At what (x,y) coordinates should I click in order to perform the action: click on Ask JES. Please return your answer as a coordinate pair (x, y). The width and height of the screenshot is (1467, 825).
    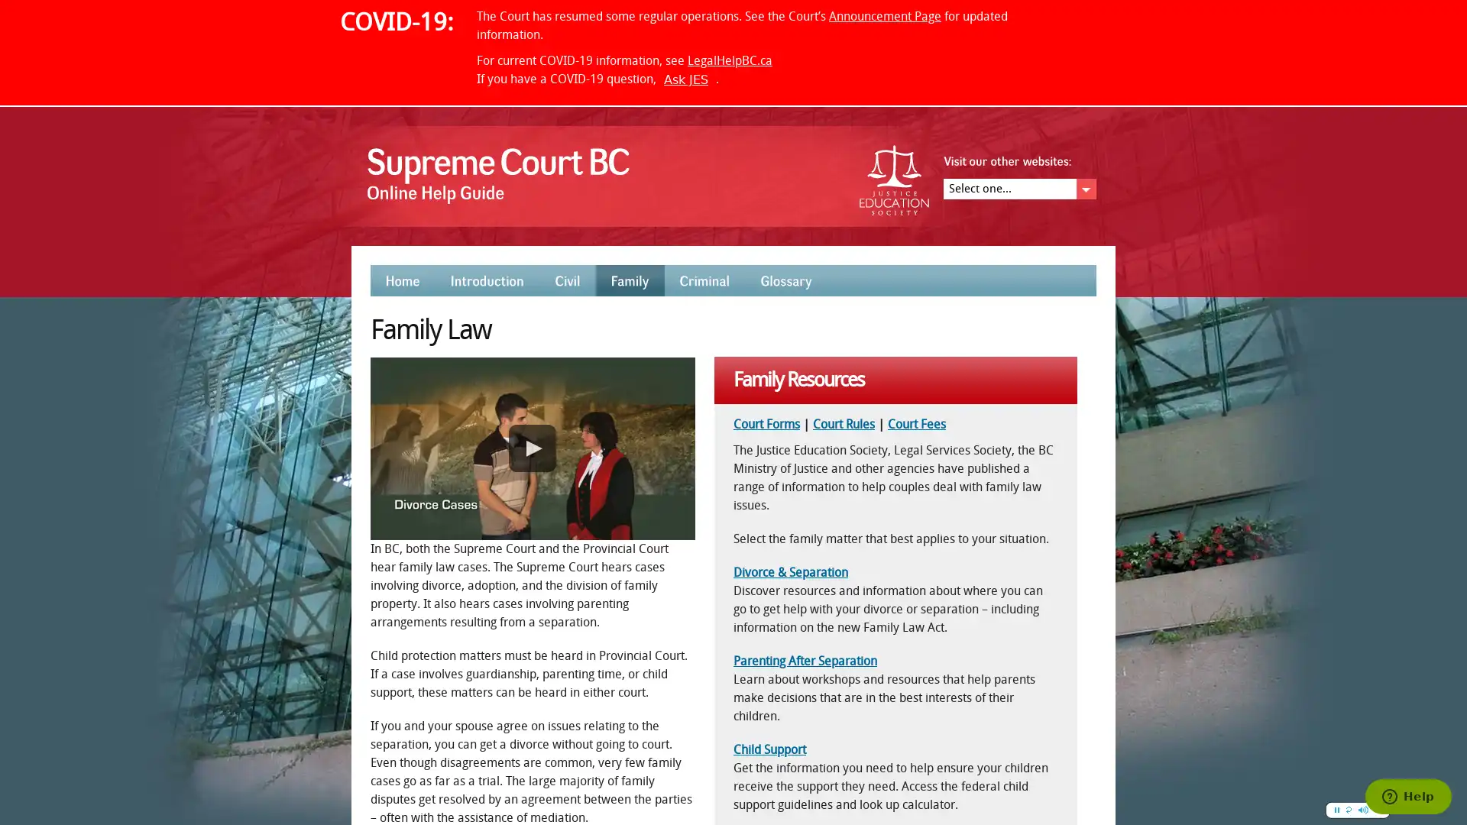
    Looking at the image, I should click on (685, 79).